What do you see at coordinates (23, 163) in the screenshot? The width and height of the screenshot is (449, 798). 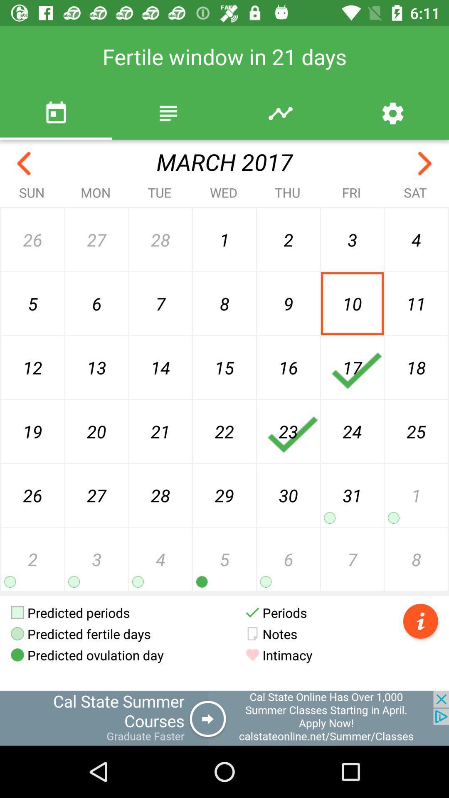 I see `move to previous month` at bounding box center [23, 163].